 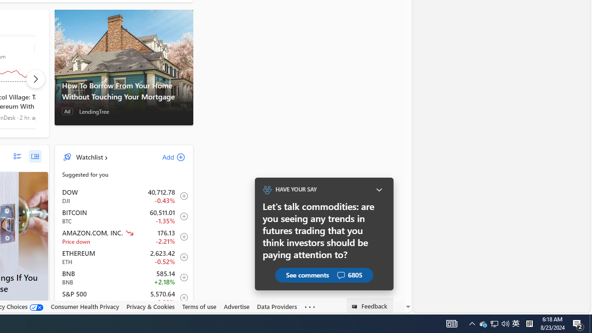 What do you see at coordinates (67, 111) in the screenshot?
I see `'Ad'` at bounding box center [67, 111].